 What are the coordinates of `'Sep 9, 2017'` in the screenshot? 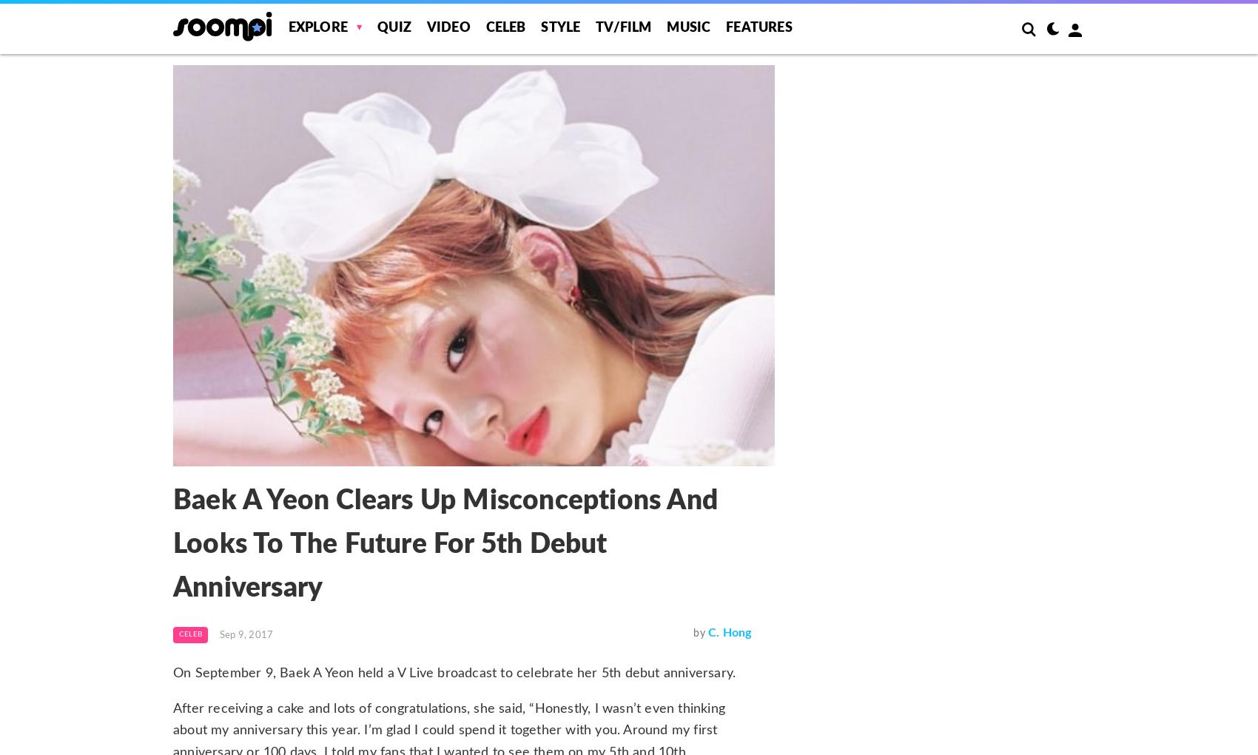 It's located at (219, 634).